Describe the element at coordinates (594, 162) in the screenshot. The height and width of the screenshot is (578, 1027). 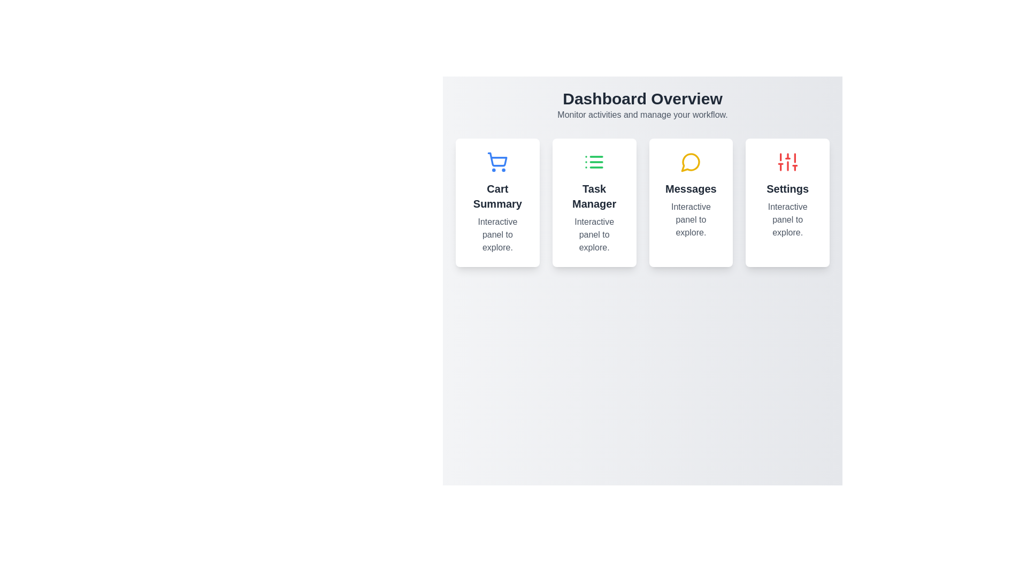
I see `the list icon representing tasks in the 'Task Manager' functionality, which is located on the second card in the second column from the left` at that location.